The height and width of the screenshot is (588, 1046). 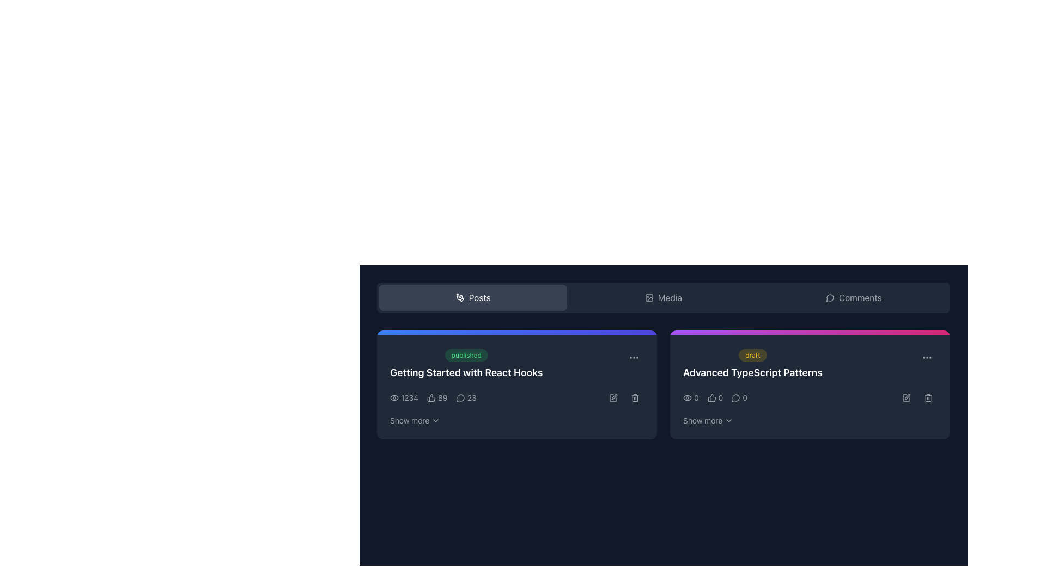 I want to click on the 'Posts' tab label, which is styled with white text on a dark gray background and appears as a button-like link, so click(x=479, y=298).